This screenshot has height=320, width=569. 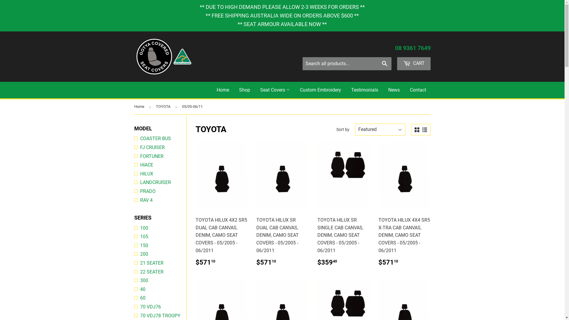 I want to click on 'FORTUNER', so click(x=160, y=156).